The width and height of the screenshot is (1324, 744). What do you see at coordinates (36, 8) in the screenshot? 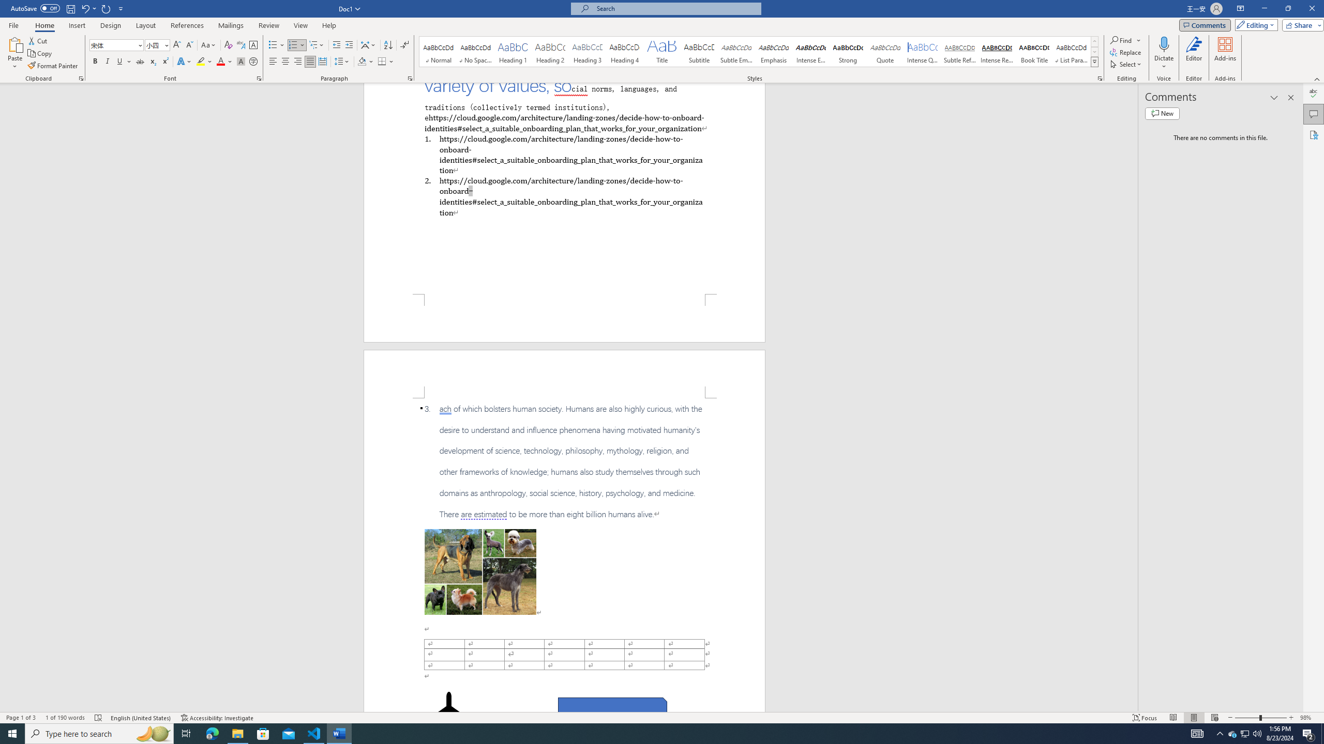
I see `'AutoSave'` at bounding box center [36, 8].